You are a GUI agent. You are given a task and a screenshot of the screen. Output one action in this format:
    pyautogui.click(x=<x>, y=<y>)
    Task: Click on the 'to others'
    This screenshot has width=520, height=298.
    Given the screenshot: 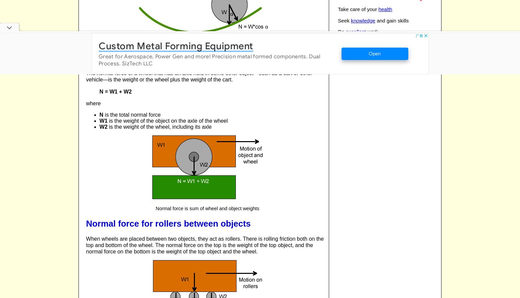 What is the action you would take?
    pyautogui.click(x=374, y=43)
    